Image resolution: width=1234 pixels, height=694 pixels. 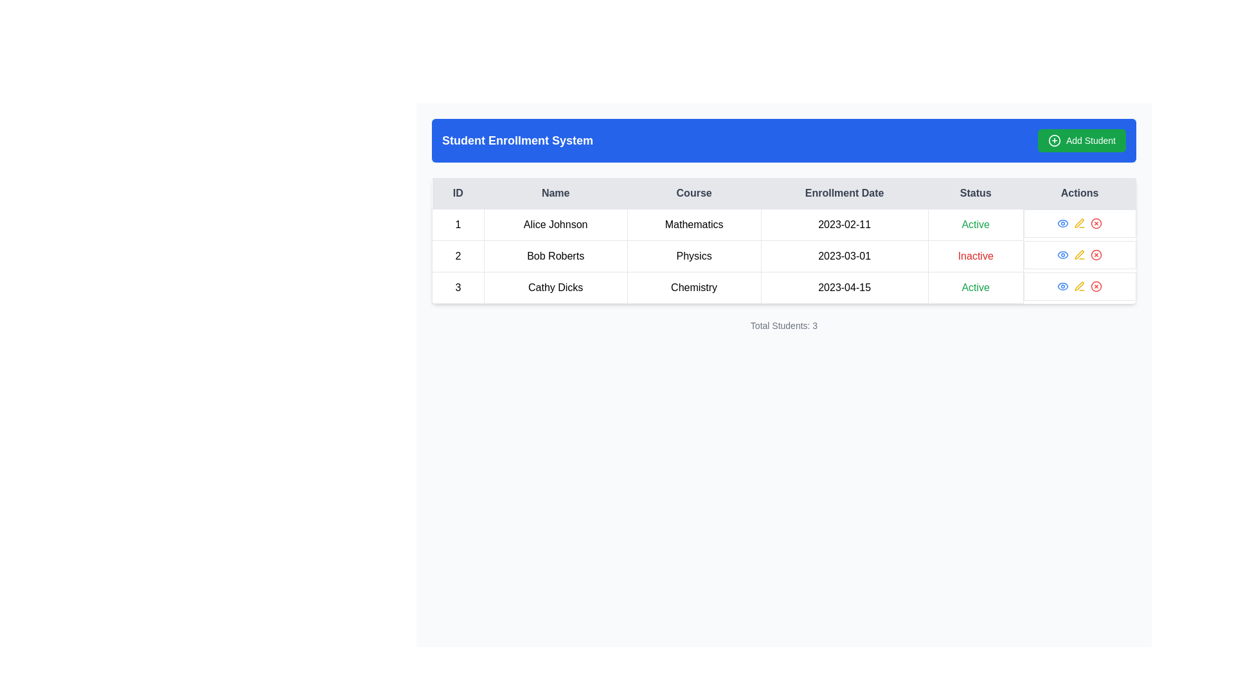 I want to click on the 'Status' column header label, which is the fifth column header in the table layout, positioned between 'Enrollment Date' and 'Actions', so click(x=976, y=193).